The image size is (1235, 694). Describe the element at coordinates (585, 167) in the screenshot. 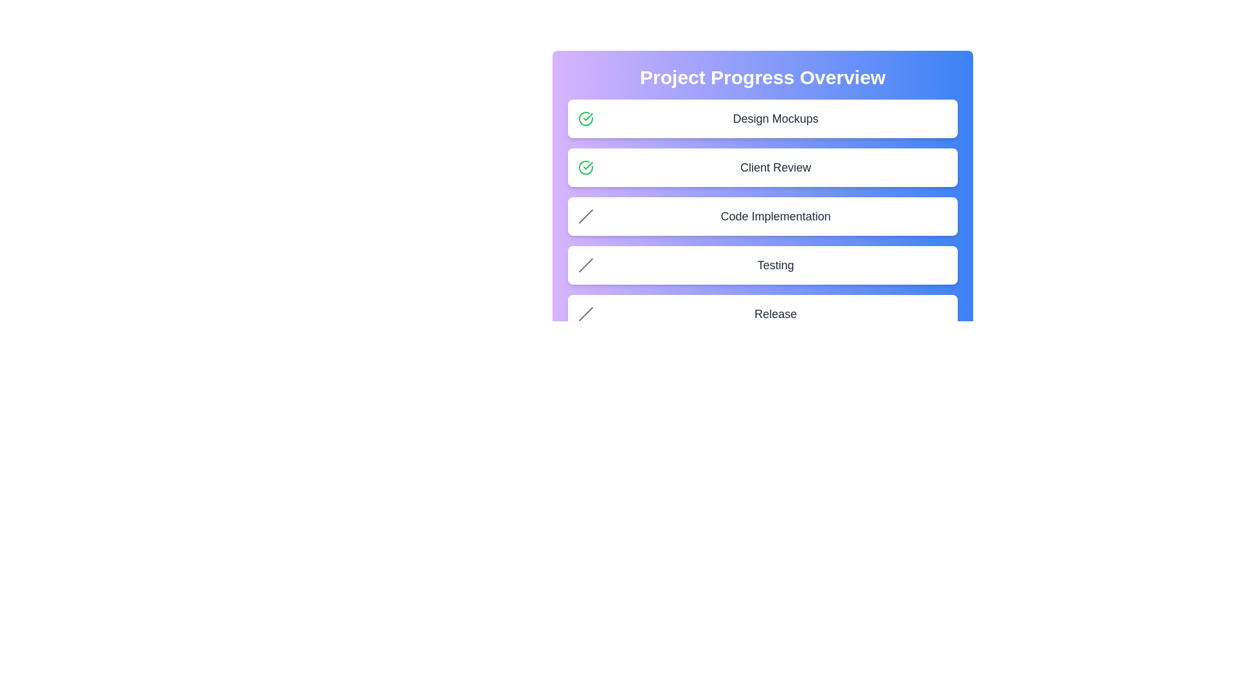

I see `the status indicator icon for 'Client Review', which marks the task as completed and is located on the left side of the 'Client Review' row in the checklist card` at that location.